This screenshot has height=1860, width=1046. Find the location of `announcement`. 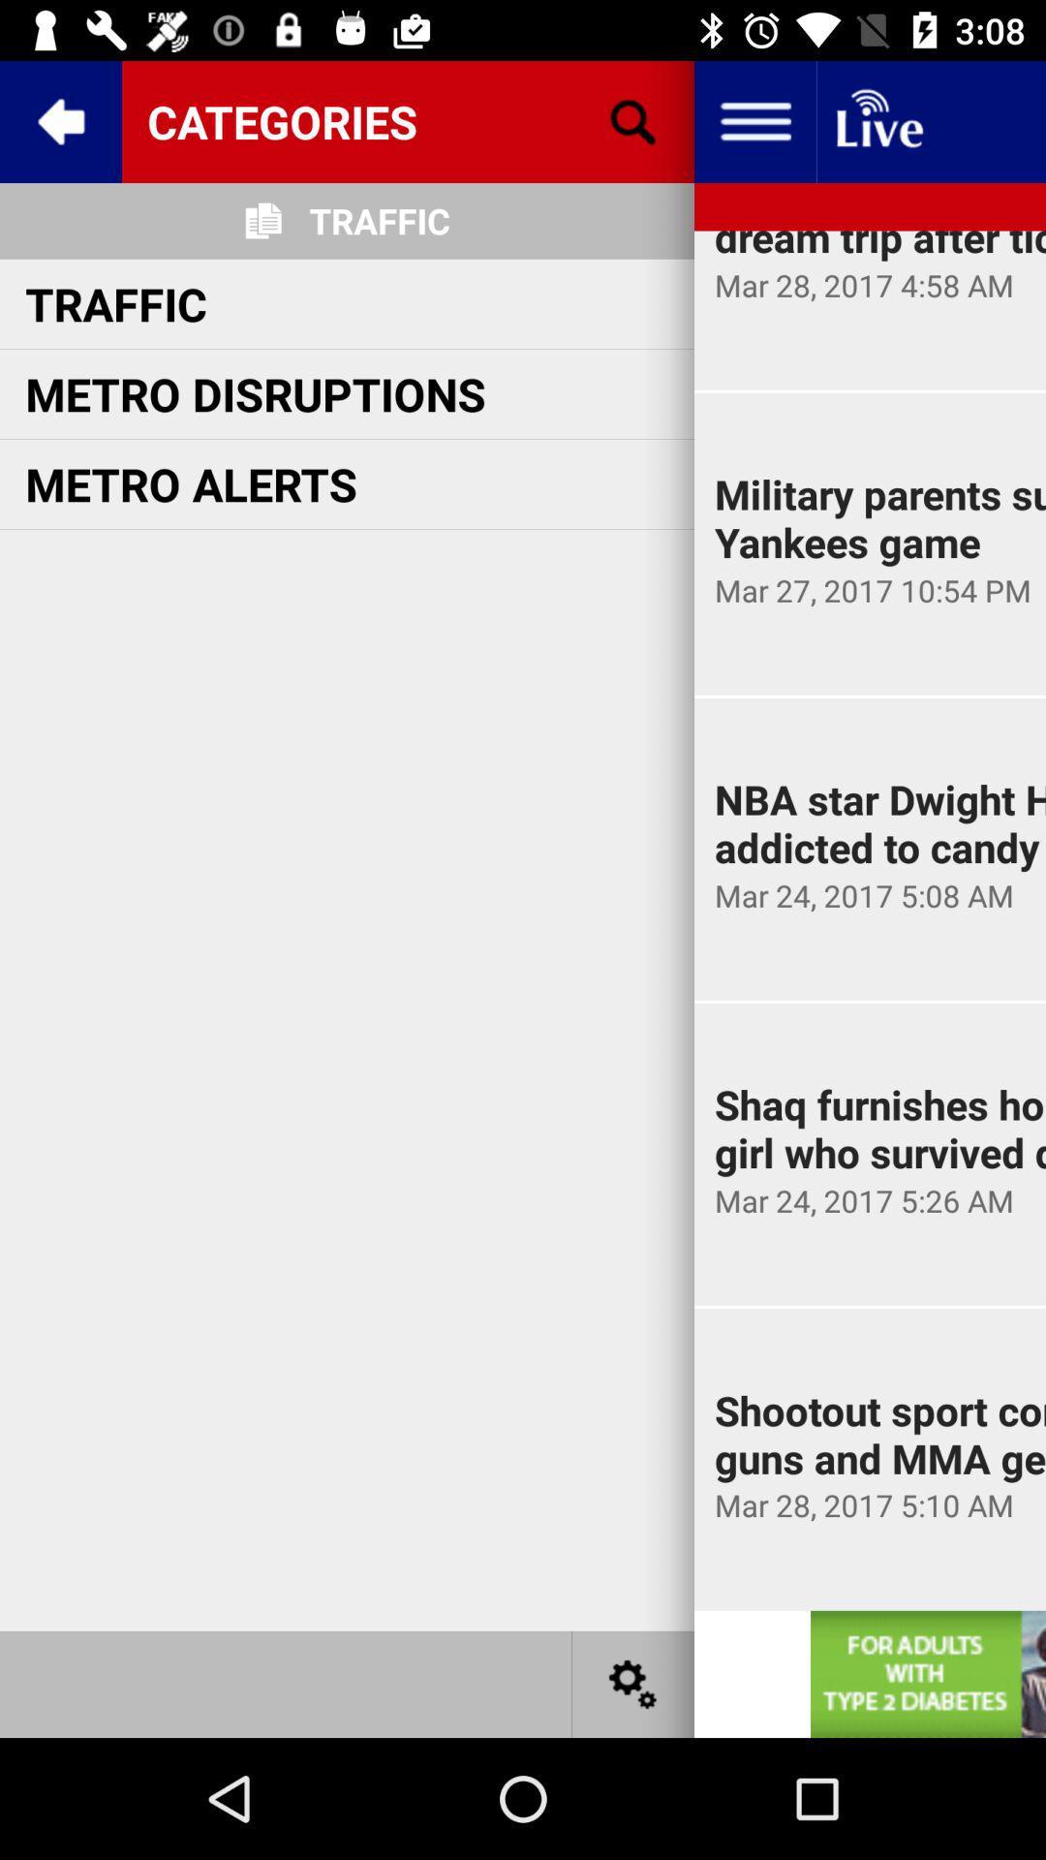

announcement is located at coordinates (927, 1673).